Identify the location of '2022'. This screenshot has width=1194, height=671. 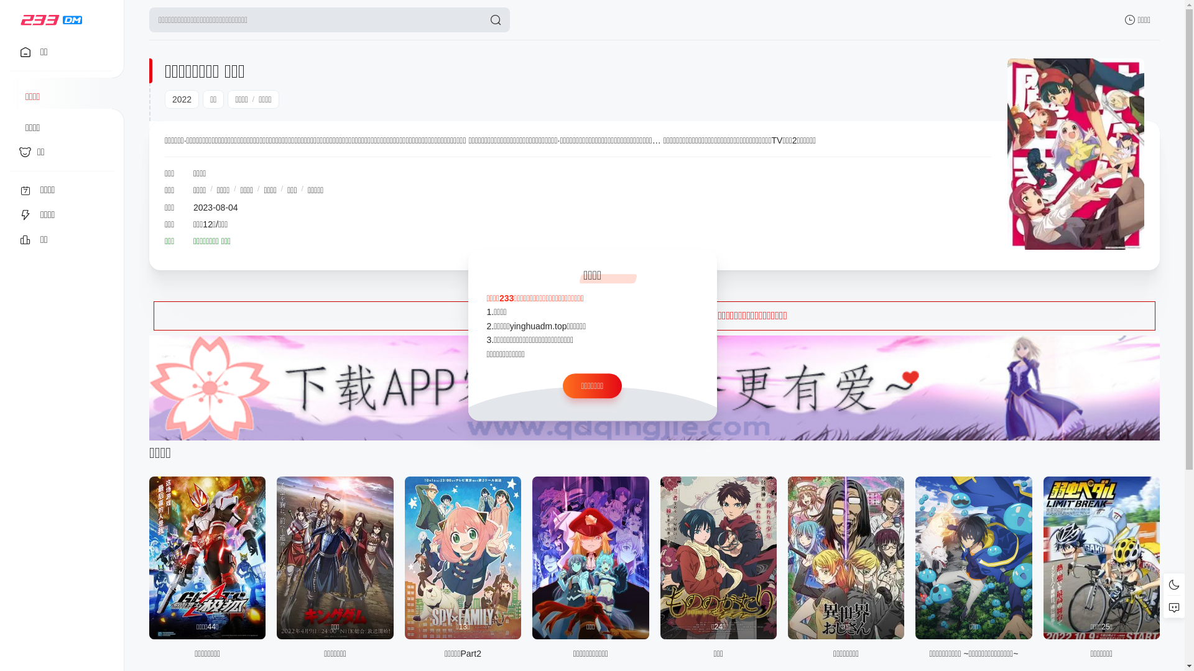
(172, 98).